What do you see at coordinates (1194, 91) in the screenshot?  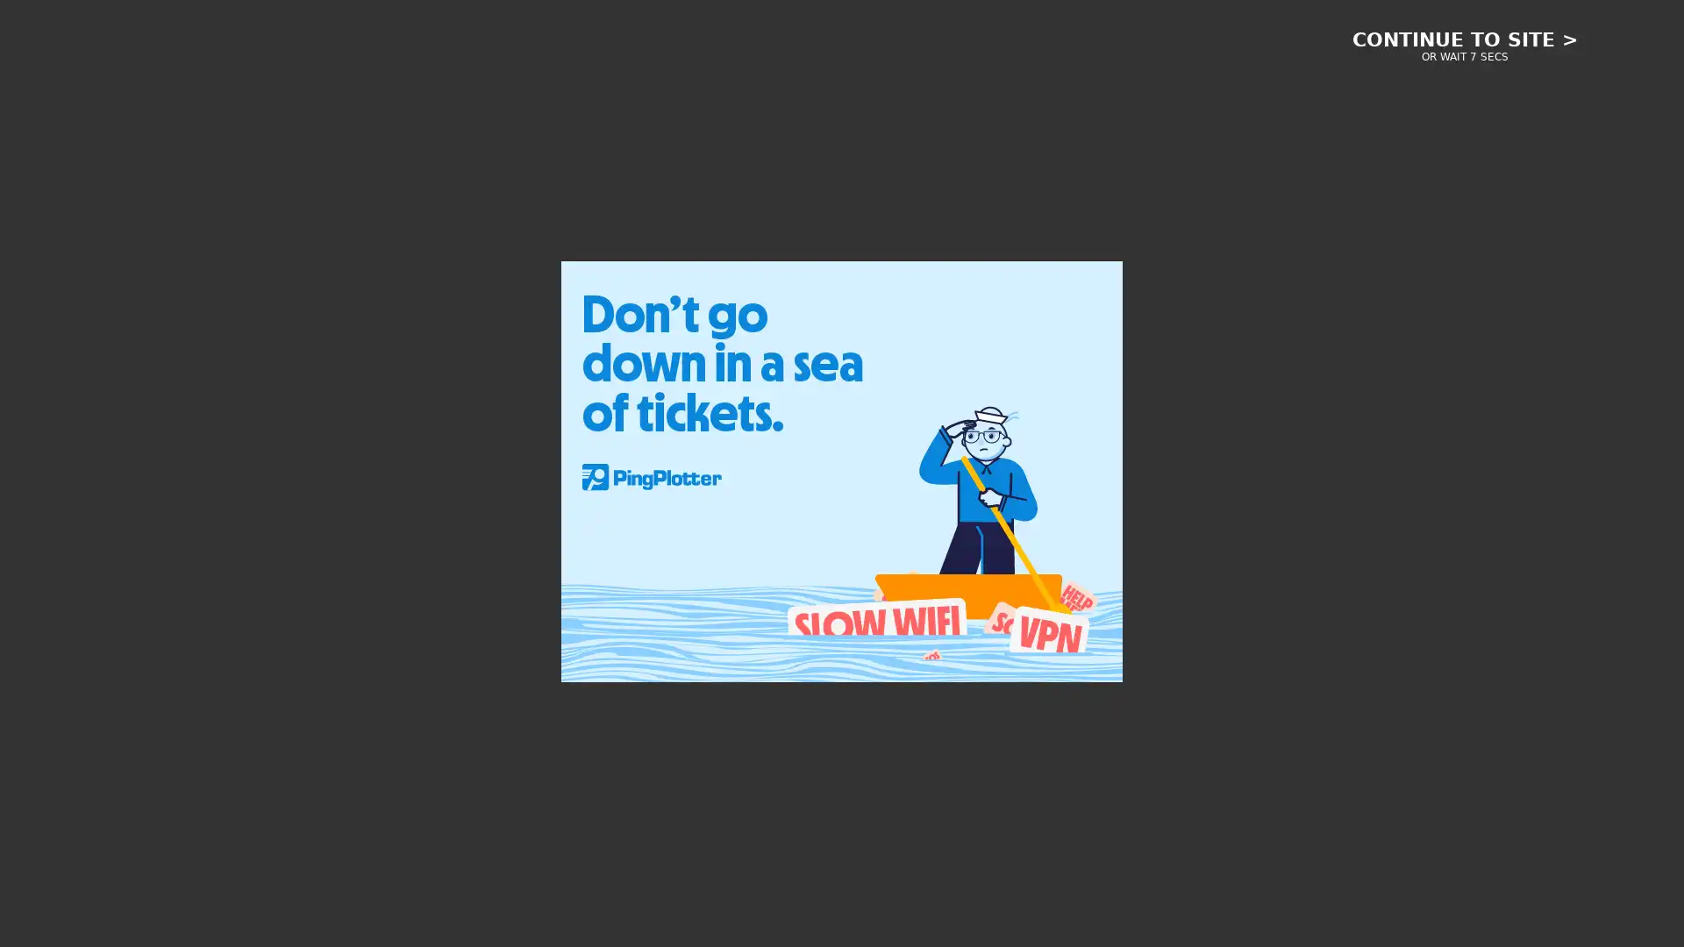 I see `Toggle User Menu` at bounding box center [1194, 91].